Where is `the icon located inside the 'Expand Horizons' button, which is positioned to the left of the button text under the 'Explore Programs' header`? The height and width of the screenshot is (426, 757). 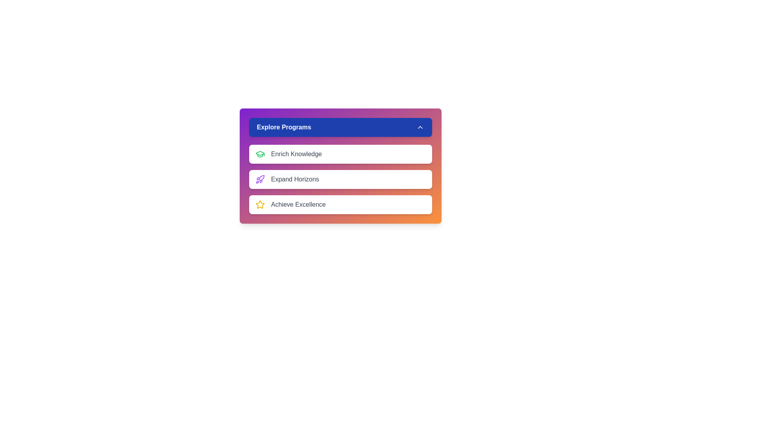 the icon located inside the 'Expand Horizons' button, which is positioned to the left of the button text under the 'Explore Programs' header is located at coordinates (260, 179).